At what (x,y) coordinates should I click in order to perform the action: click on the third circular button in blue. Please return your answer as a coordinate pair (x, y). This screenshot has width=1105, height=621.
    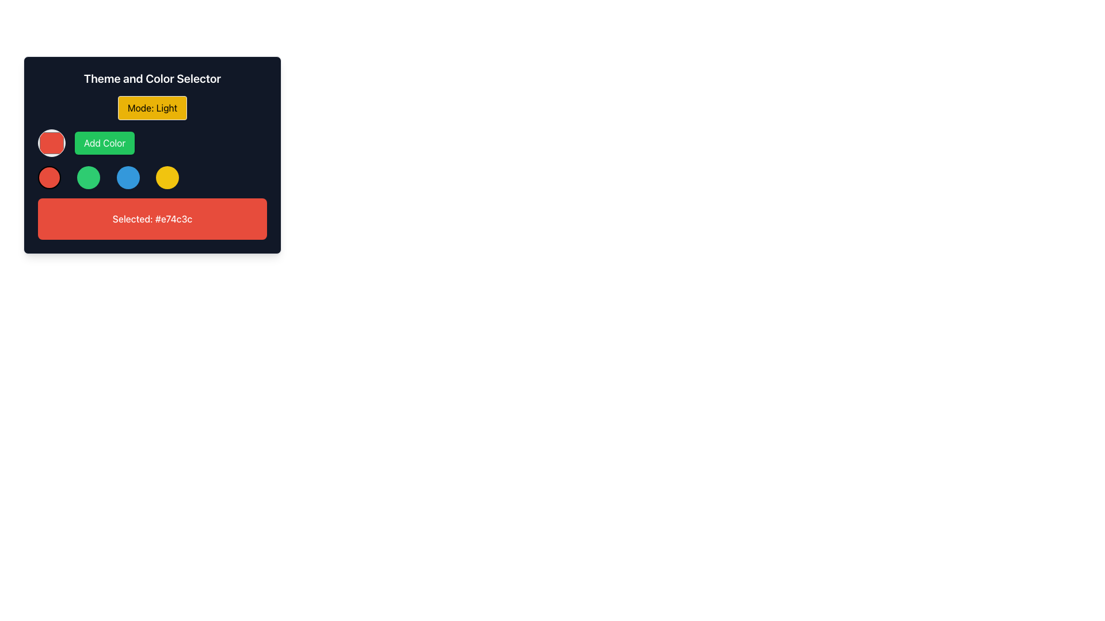
    Looking at the image, I should click on (128, 177).